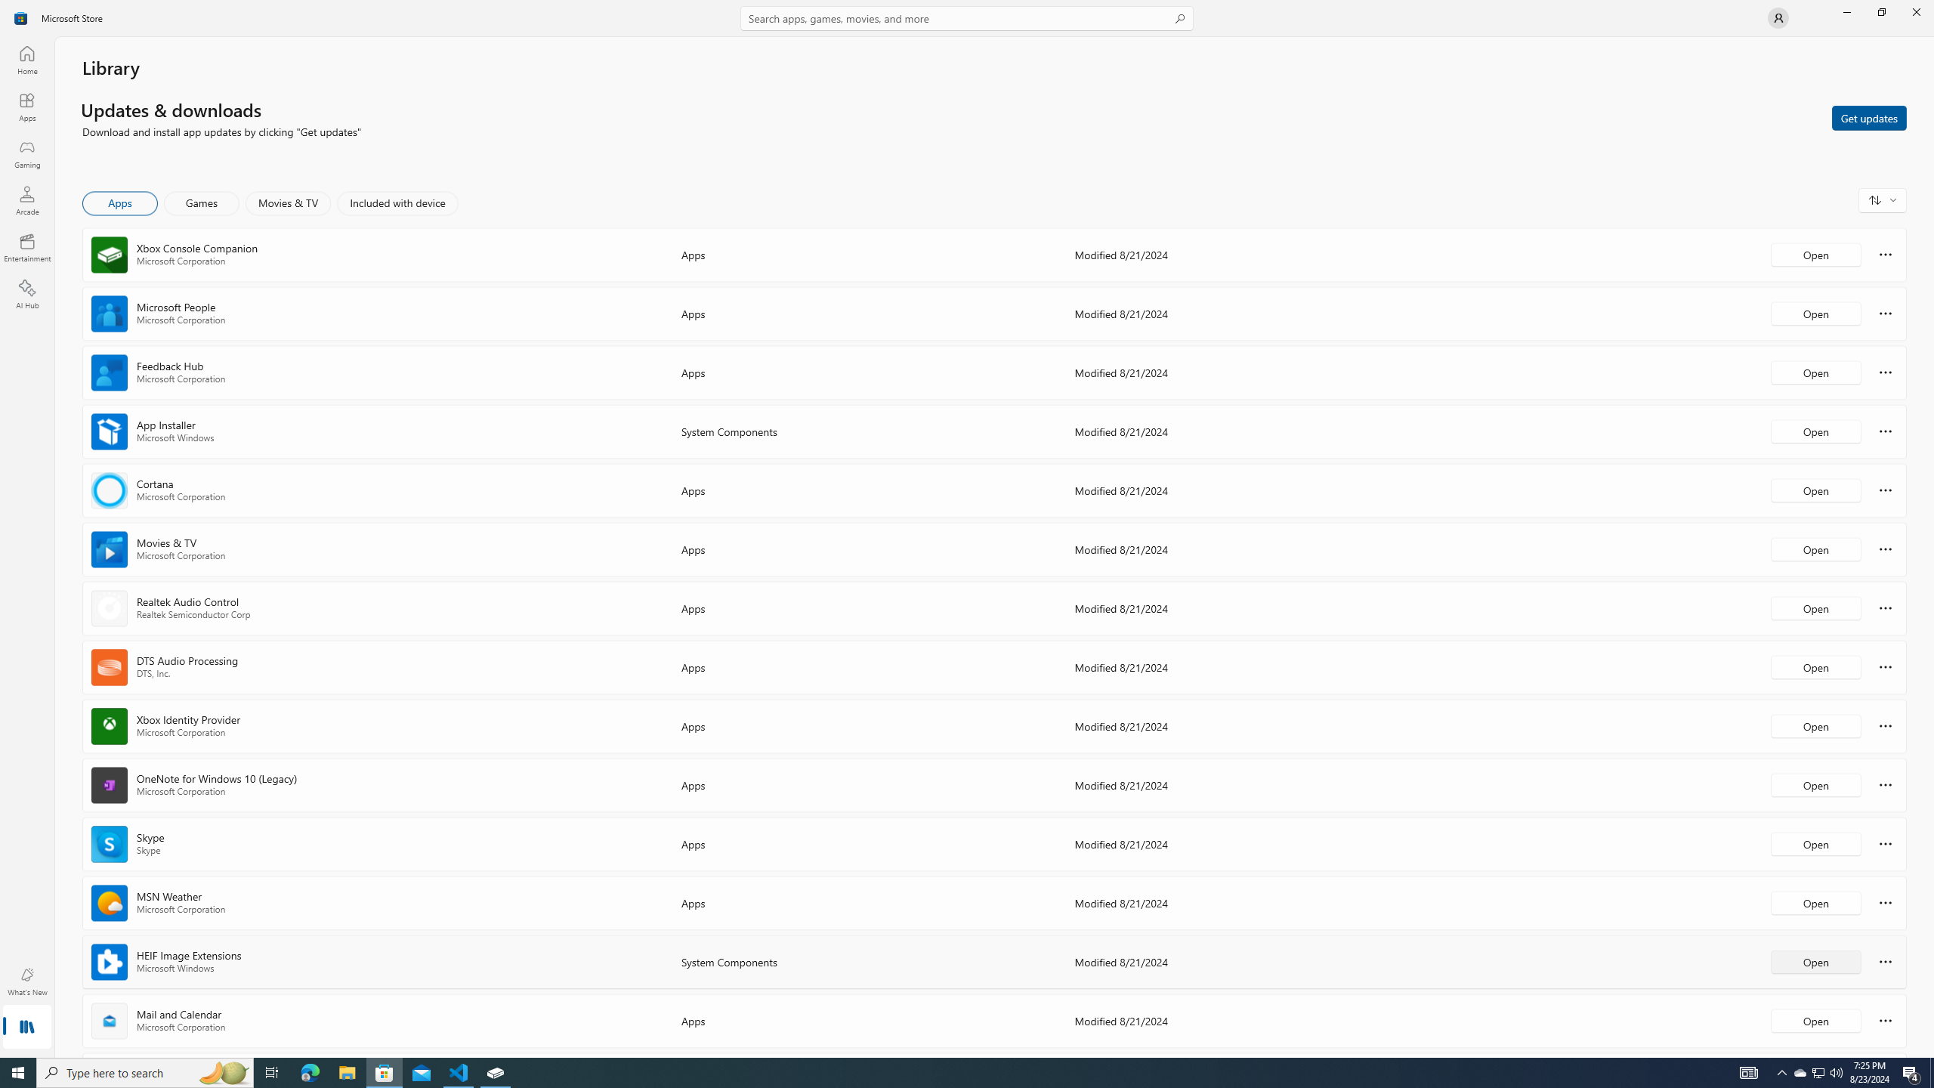  What do you see at coordinates (1869, 116) in the screenshot?
I see `'Get updates'` at bounding box center [1869, 116].